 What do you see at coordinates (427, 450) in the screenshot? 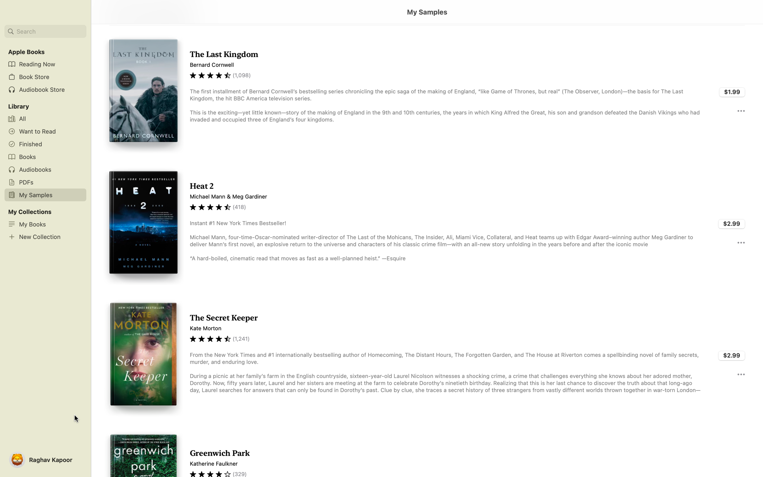
I see `Read the sample of "Greenwich Park` at bounding box center [427, 450].